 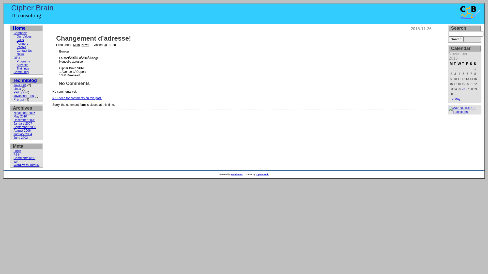 What do you see at coordinates (73, 45) in the screenshot?
I see `'Main'` at bounding box center [73, 45].